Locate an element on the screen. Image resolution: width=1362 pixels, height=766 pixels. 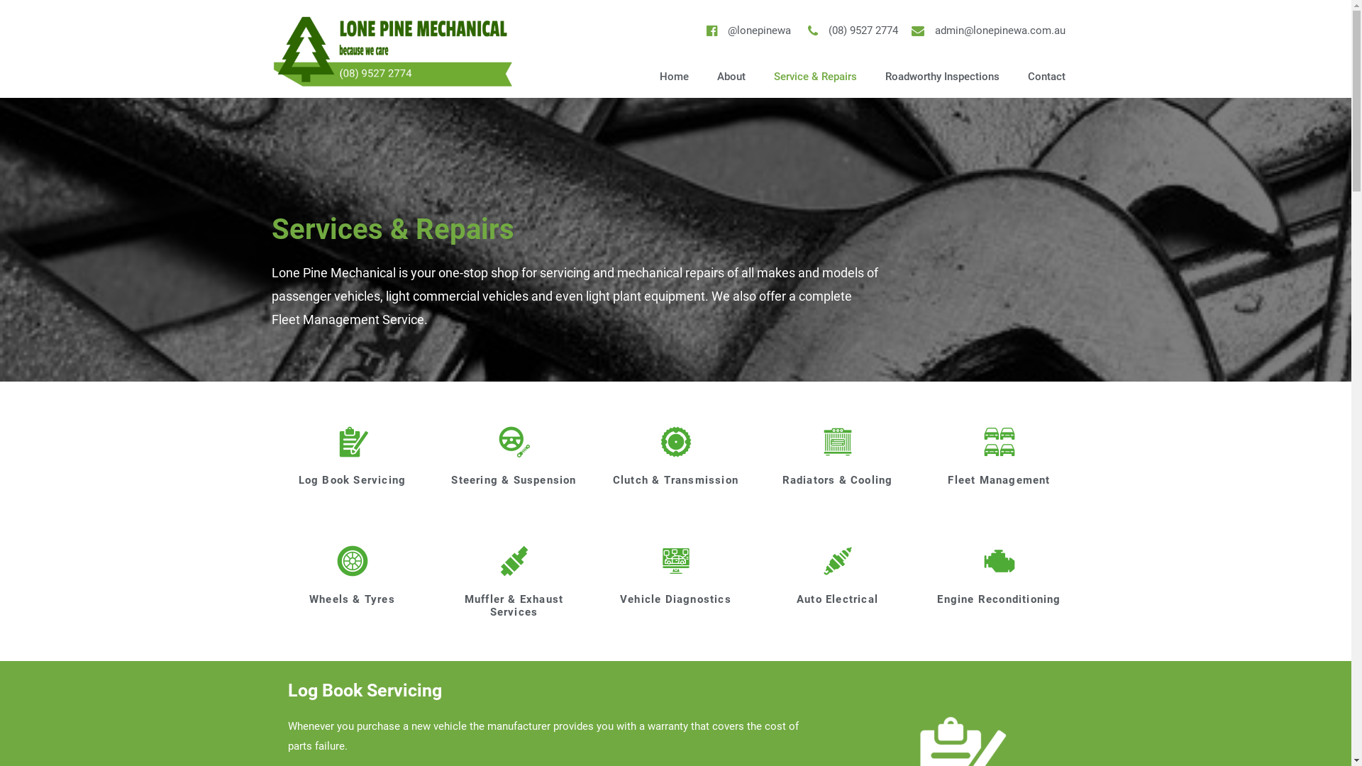
'admin@lonepinewa.com.au' is located at coordinates (987, 30).